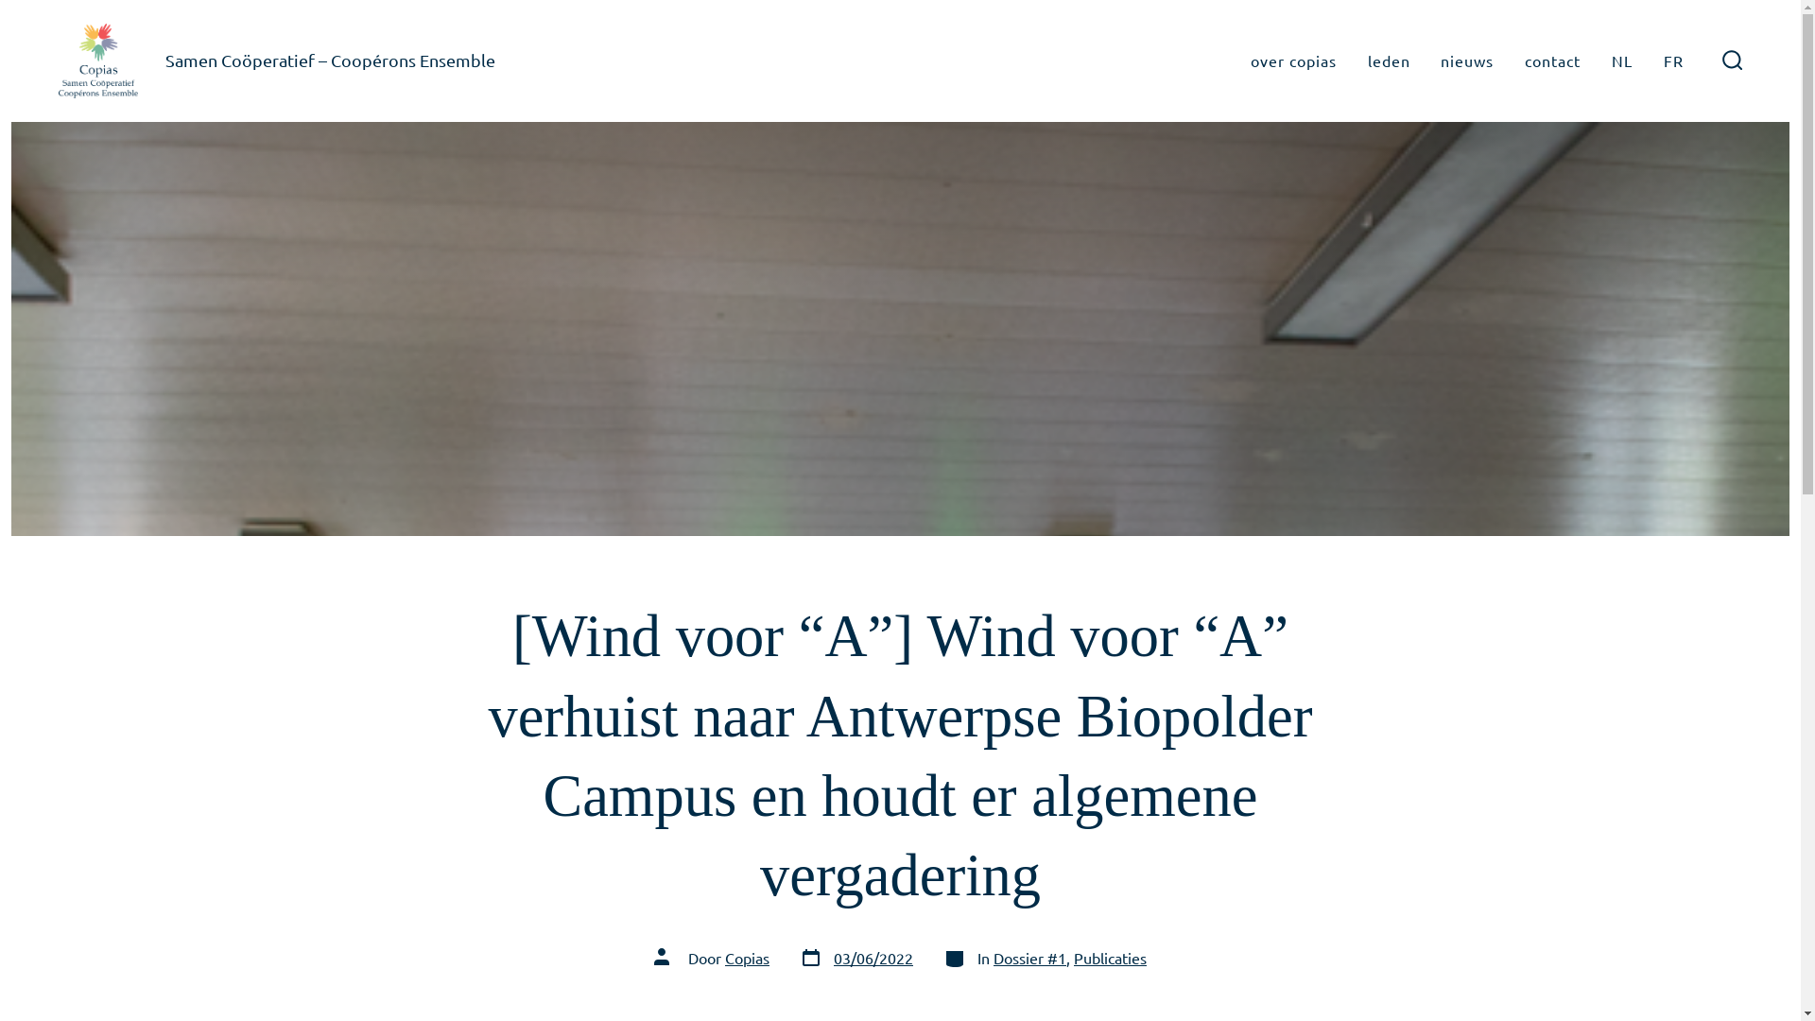  I want to click on 'zoeken in-/uitschakelen', so click(1710, 60).